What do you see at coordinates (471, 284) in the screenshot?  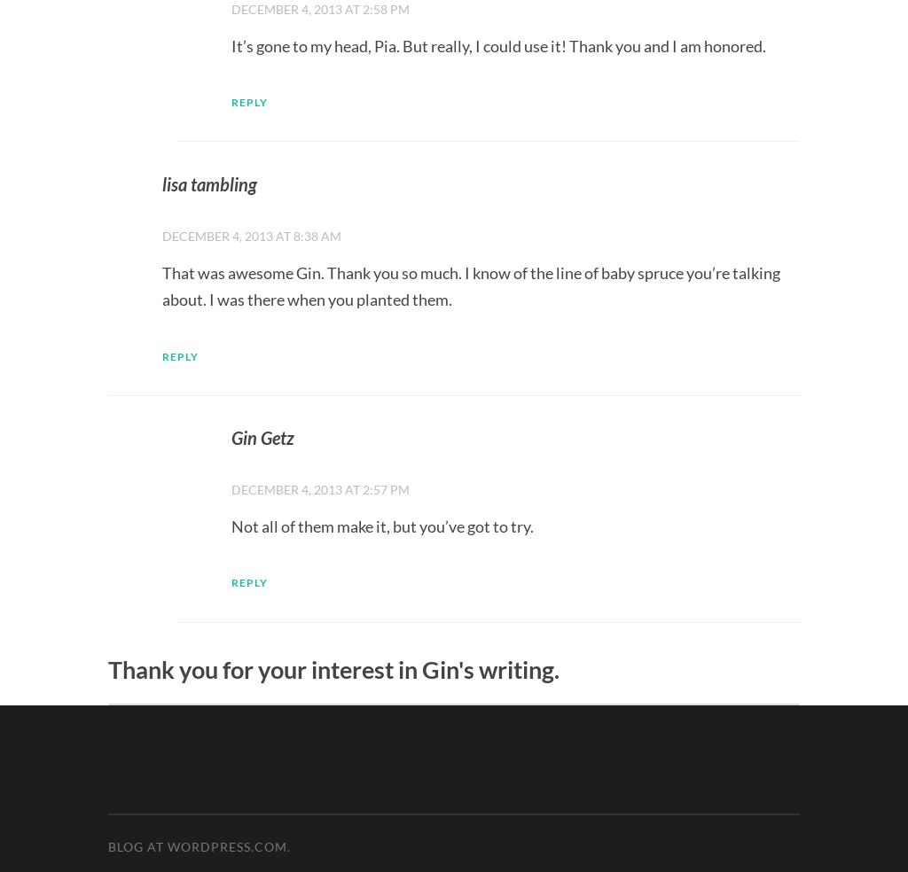 I see `'That was awesome Gin.  Thank you so much.  I know of the line of baby spruce you’re talking about.  I was there when you planted them.'` at bounding box center [471, 284].